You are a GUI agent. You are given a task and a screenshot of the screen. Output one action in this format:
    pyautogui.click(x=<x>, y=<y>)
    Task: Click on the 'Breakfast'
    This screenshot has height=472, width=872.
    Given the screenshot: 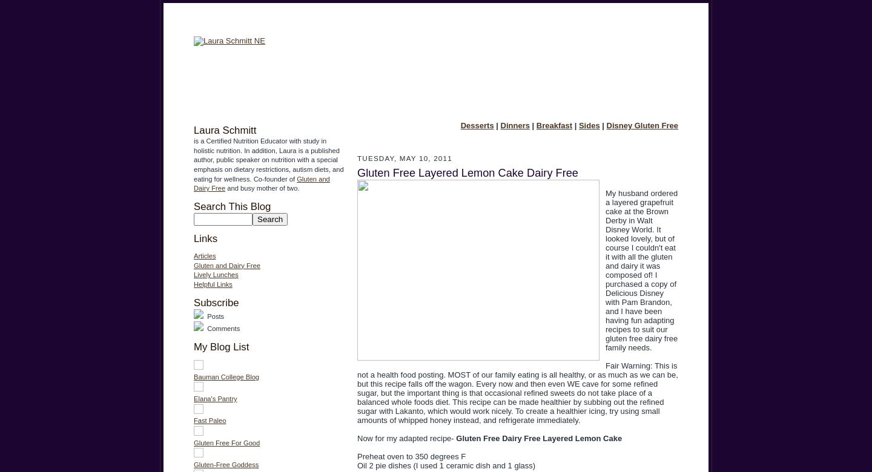 What is the action you would take?
    pyautogui.click(x=553, y=125)
    